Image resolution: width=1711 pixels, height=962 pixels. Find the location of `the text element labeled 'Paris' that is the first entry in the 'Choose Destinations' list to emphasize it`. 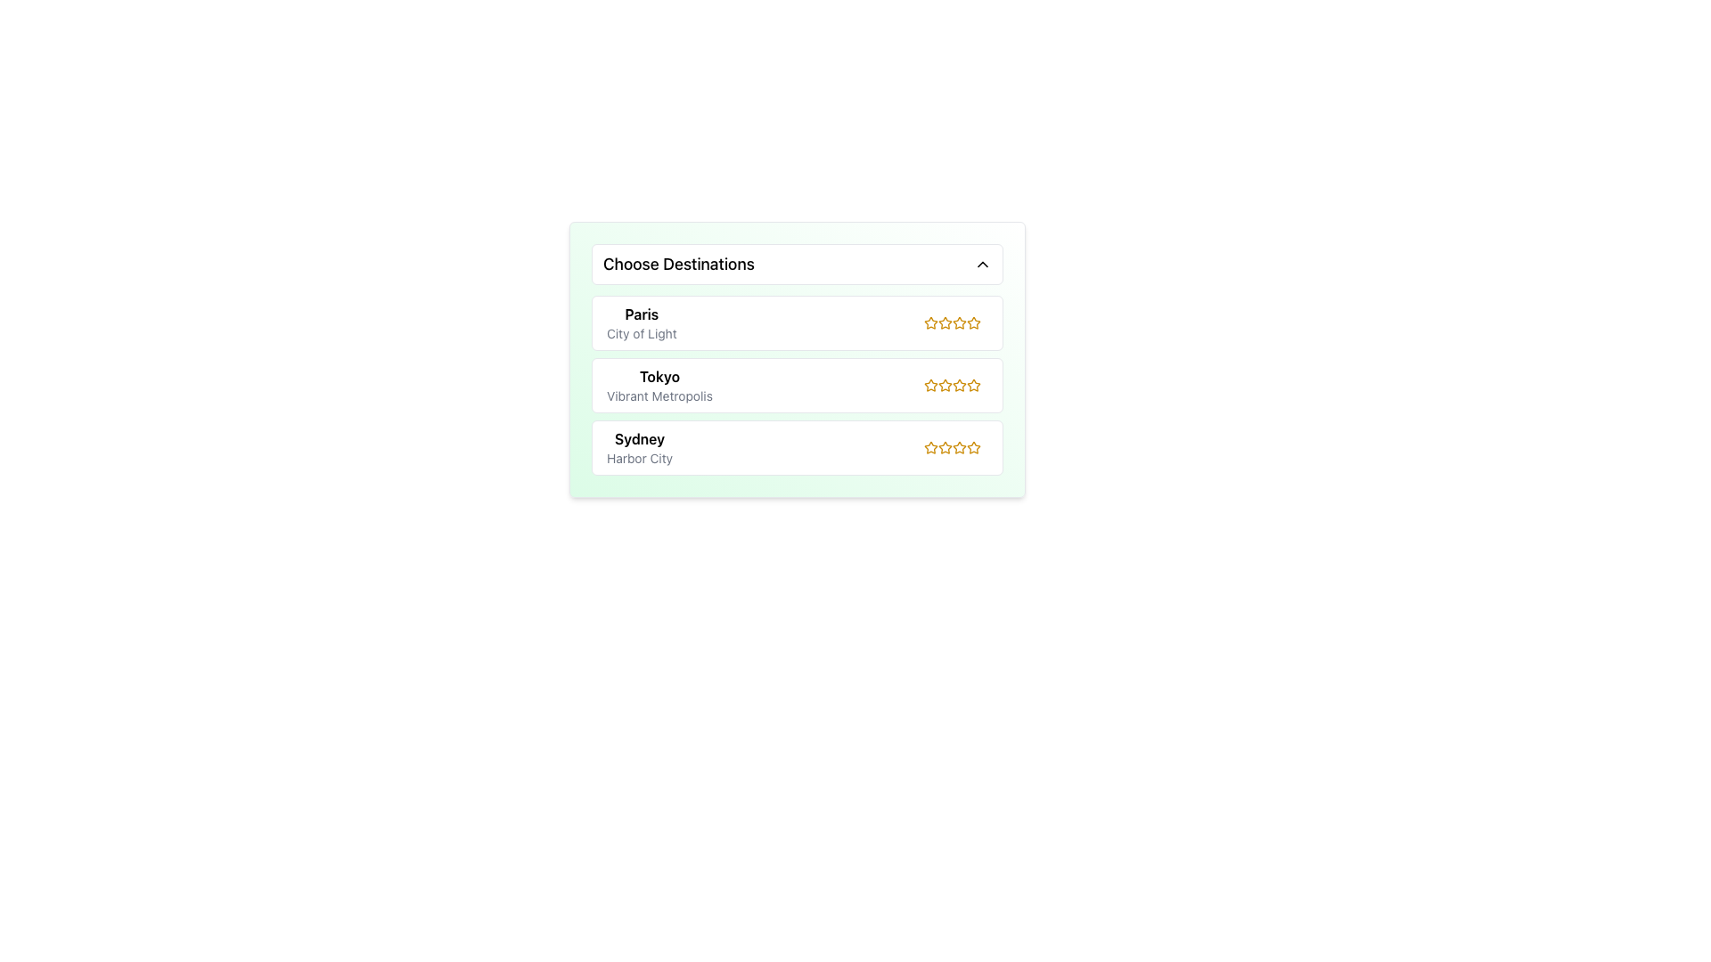

the text element labeled 'Paris' that is the first entry in the 'Choose Destinations' list to emphasize it is located at coordinates (642, 322).